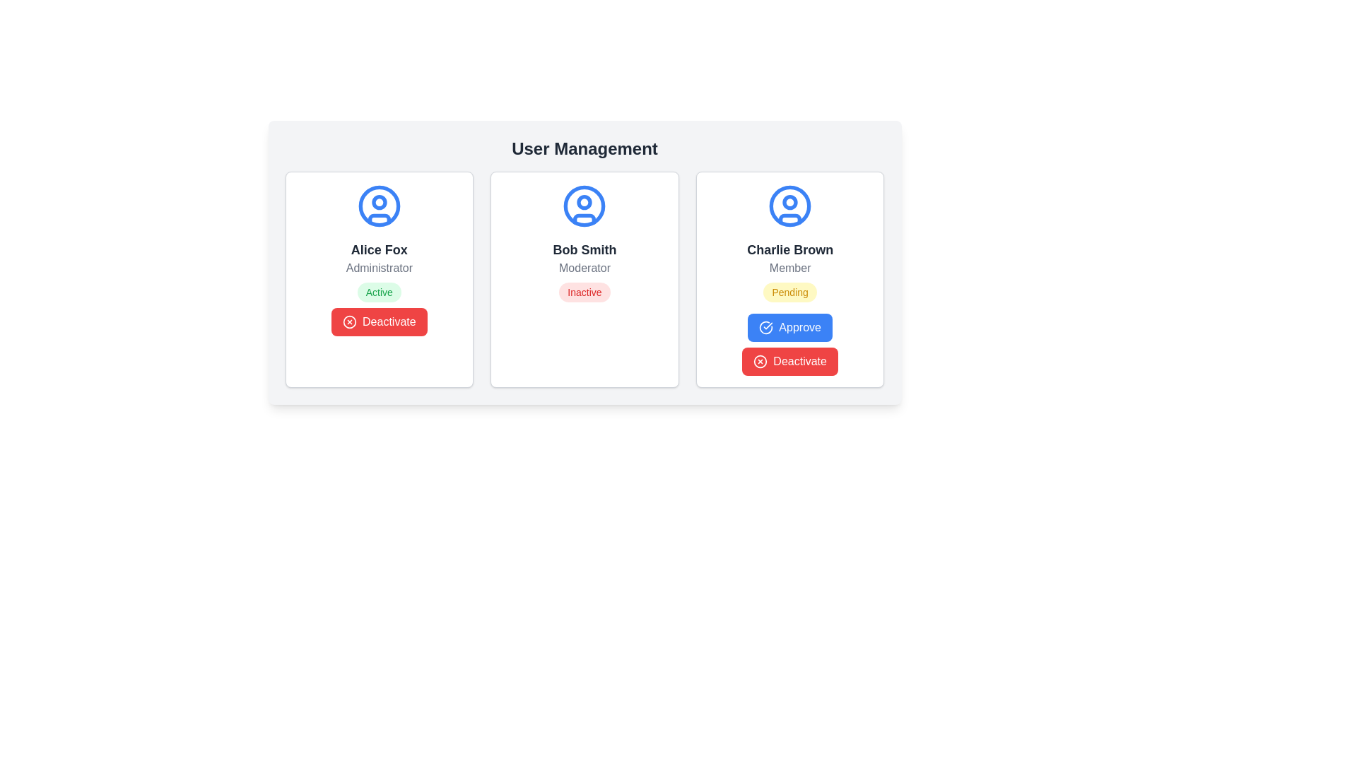 This screenshot has height=763, width=1357. What do you see at coordinates (379, 206) in the screenshot?
I see `the user profile icon representing 'Alice Fox' located at the top of its card in the three-column layout` at bounding box center [379, 206].